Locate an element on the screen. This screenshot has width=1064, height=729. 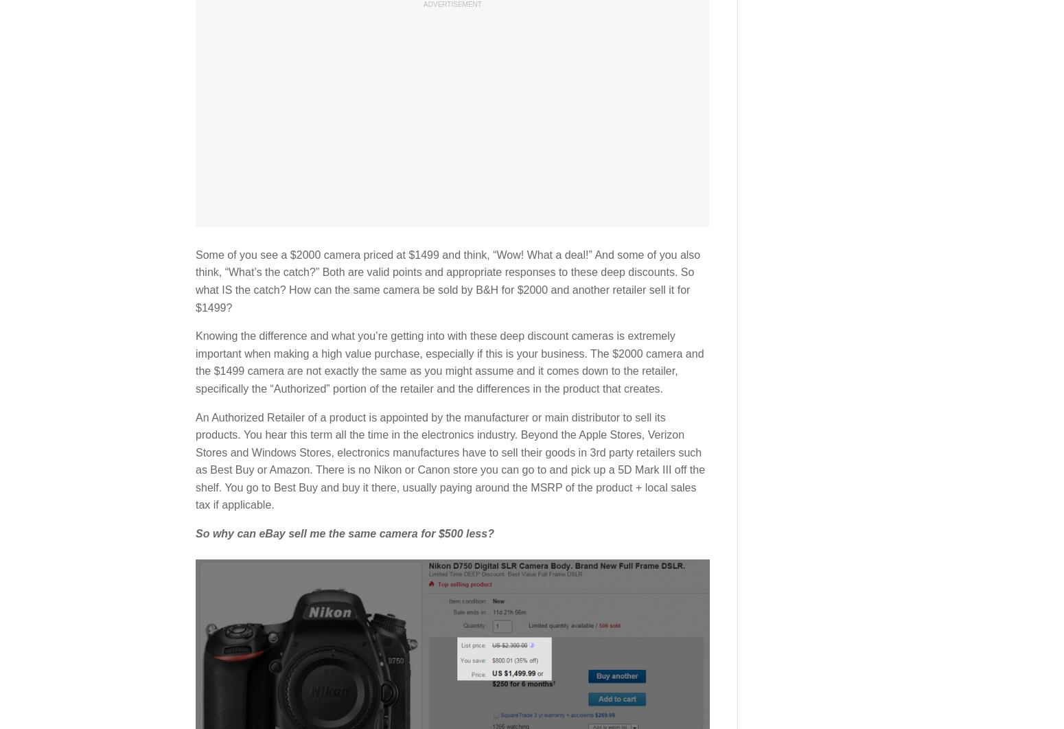
'That's unfortunate. Well I guess my suggestion really varies regionally.' is located at coordinates (382, 644).